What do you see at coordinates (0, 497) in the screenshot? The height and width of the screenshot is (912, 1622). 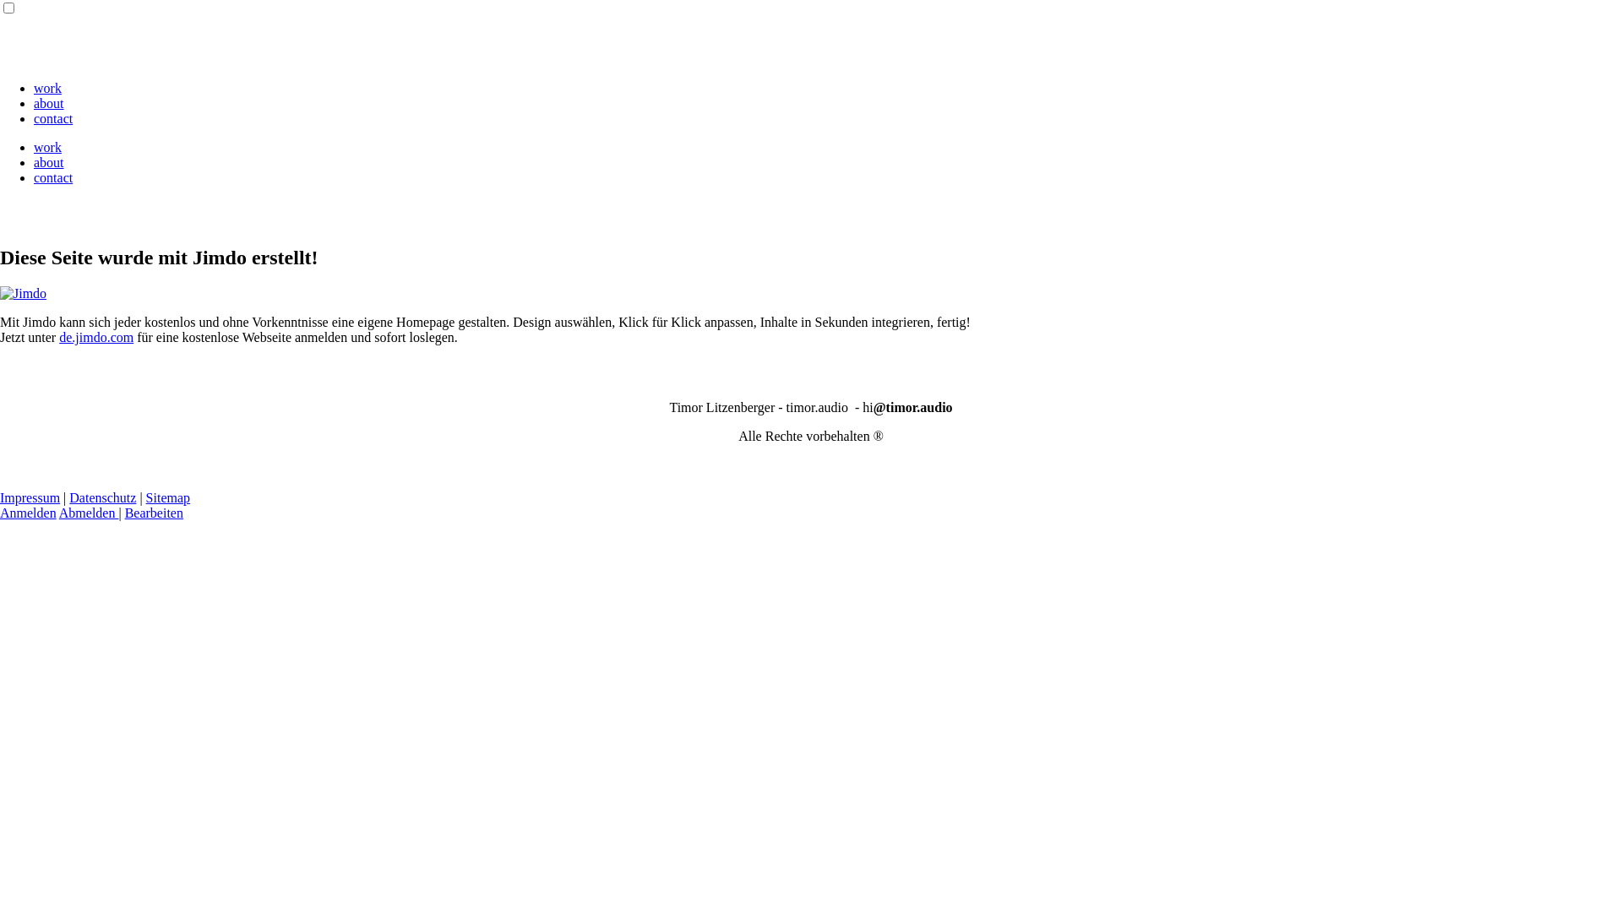 I see `'Impressum'` at bounding box center [0, 497].